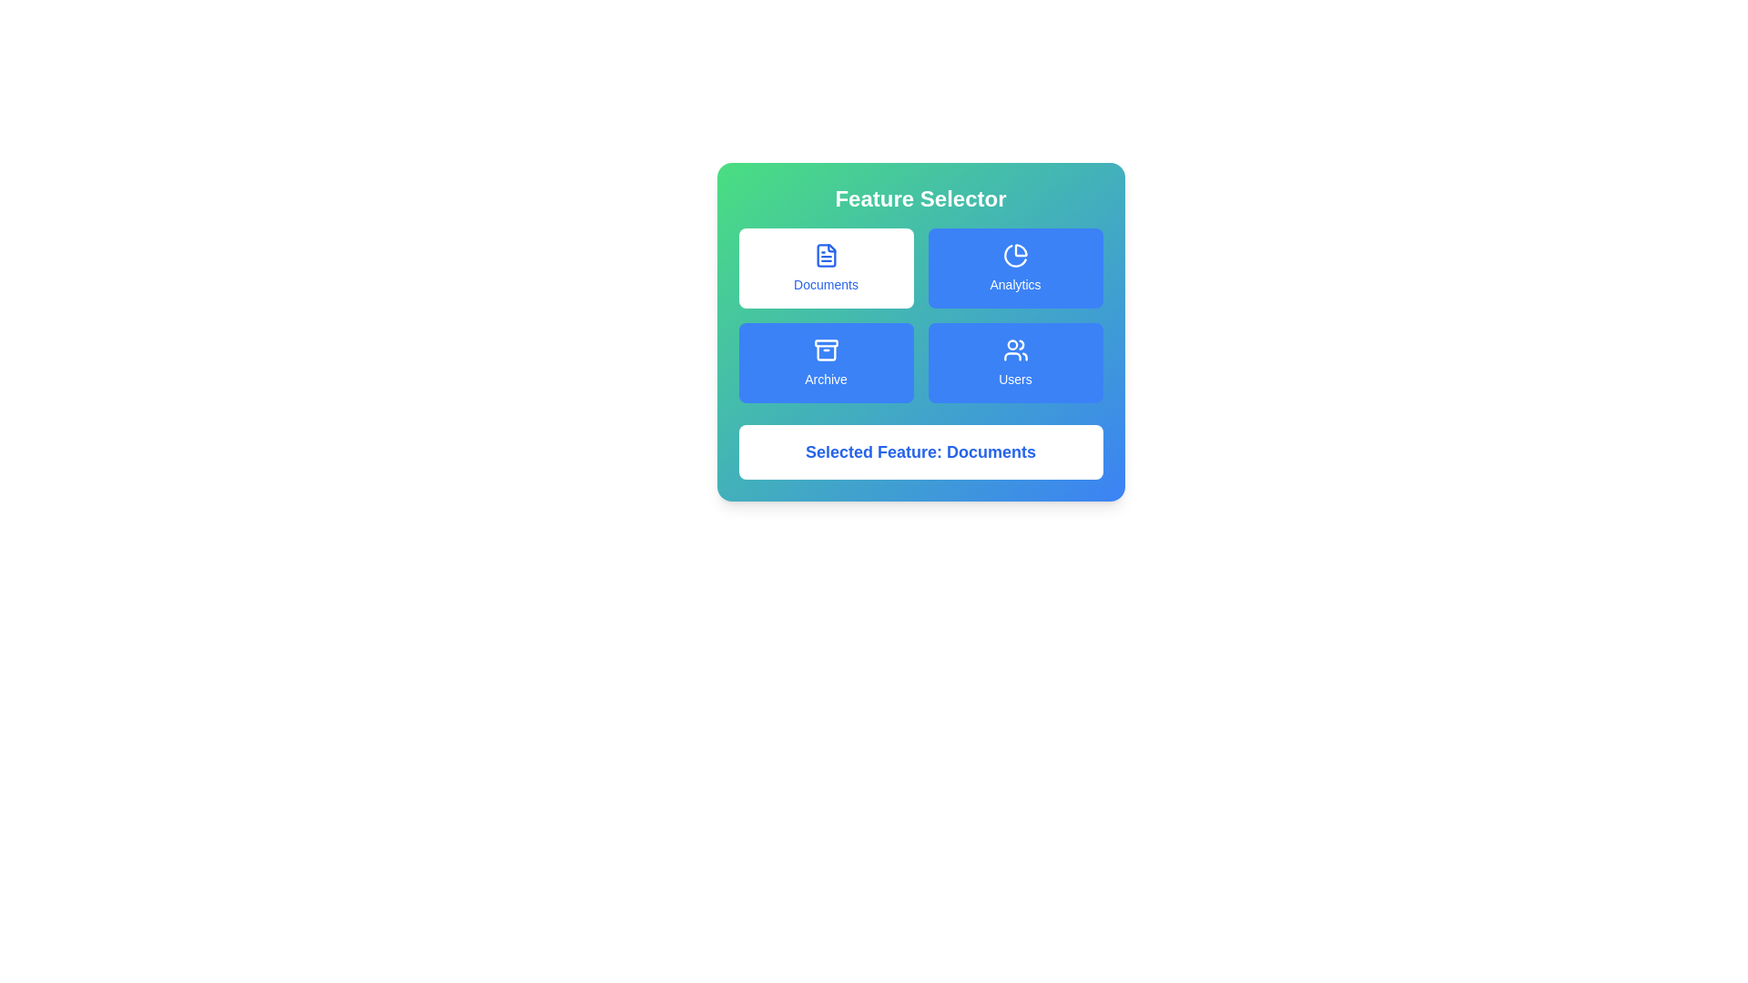 Image resolution: width=1748 pixels, height=983 pixels. What do you see at coordinates (825, 350) in the screenshot?
I see `the 'Archive' icon, which is the first button in the second row of the feature selector grid` at bounding box center [825, 350].